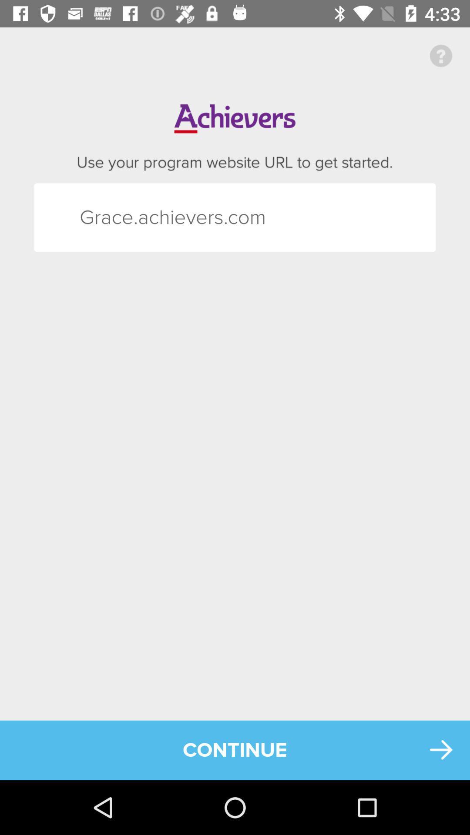  I want to click on icon below grace item, so click(235, 750).